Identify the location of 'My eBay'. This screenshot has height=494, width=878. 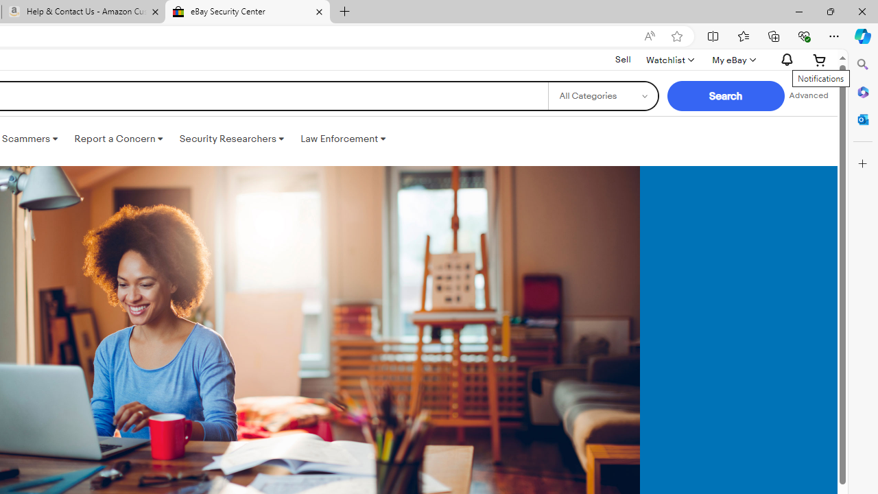
(732, 59).